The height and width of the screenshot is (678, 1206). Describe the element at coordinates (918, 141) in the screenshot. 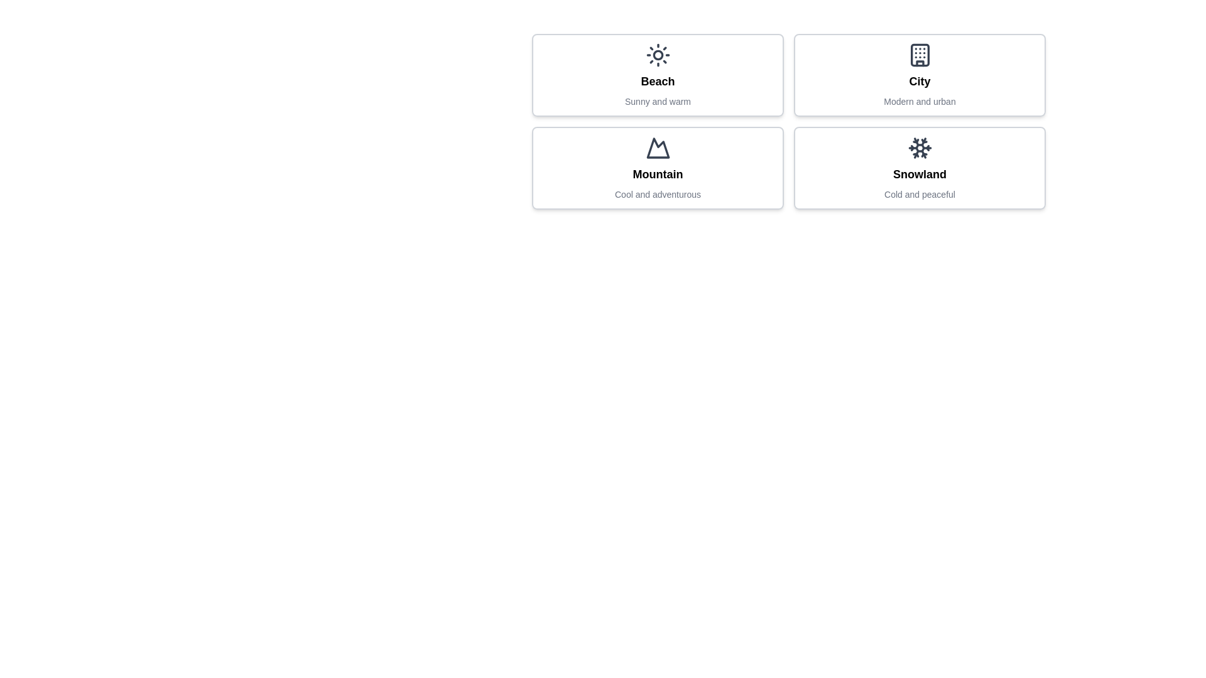

I see `the small graphical component resembling a part of a snowflake, which is an internal segment of the snowflake icon in the bottom-right panel labeled 'Snowland'` at that location.